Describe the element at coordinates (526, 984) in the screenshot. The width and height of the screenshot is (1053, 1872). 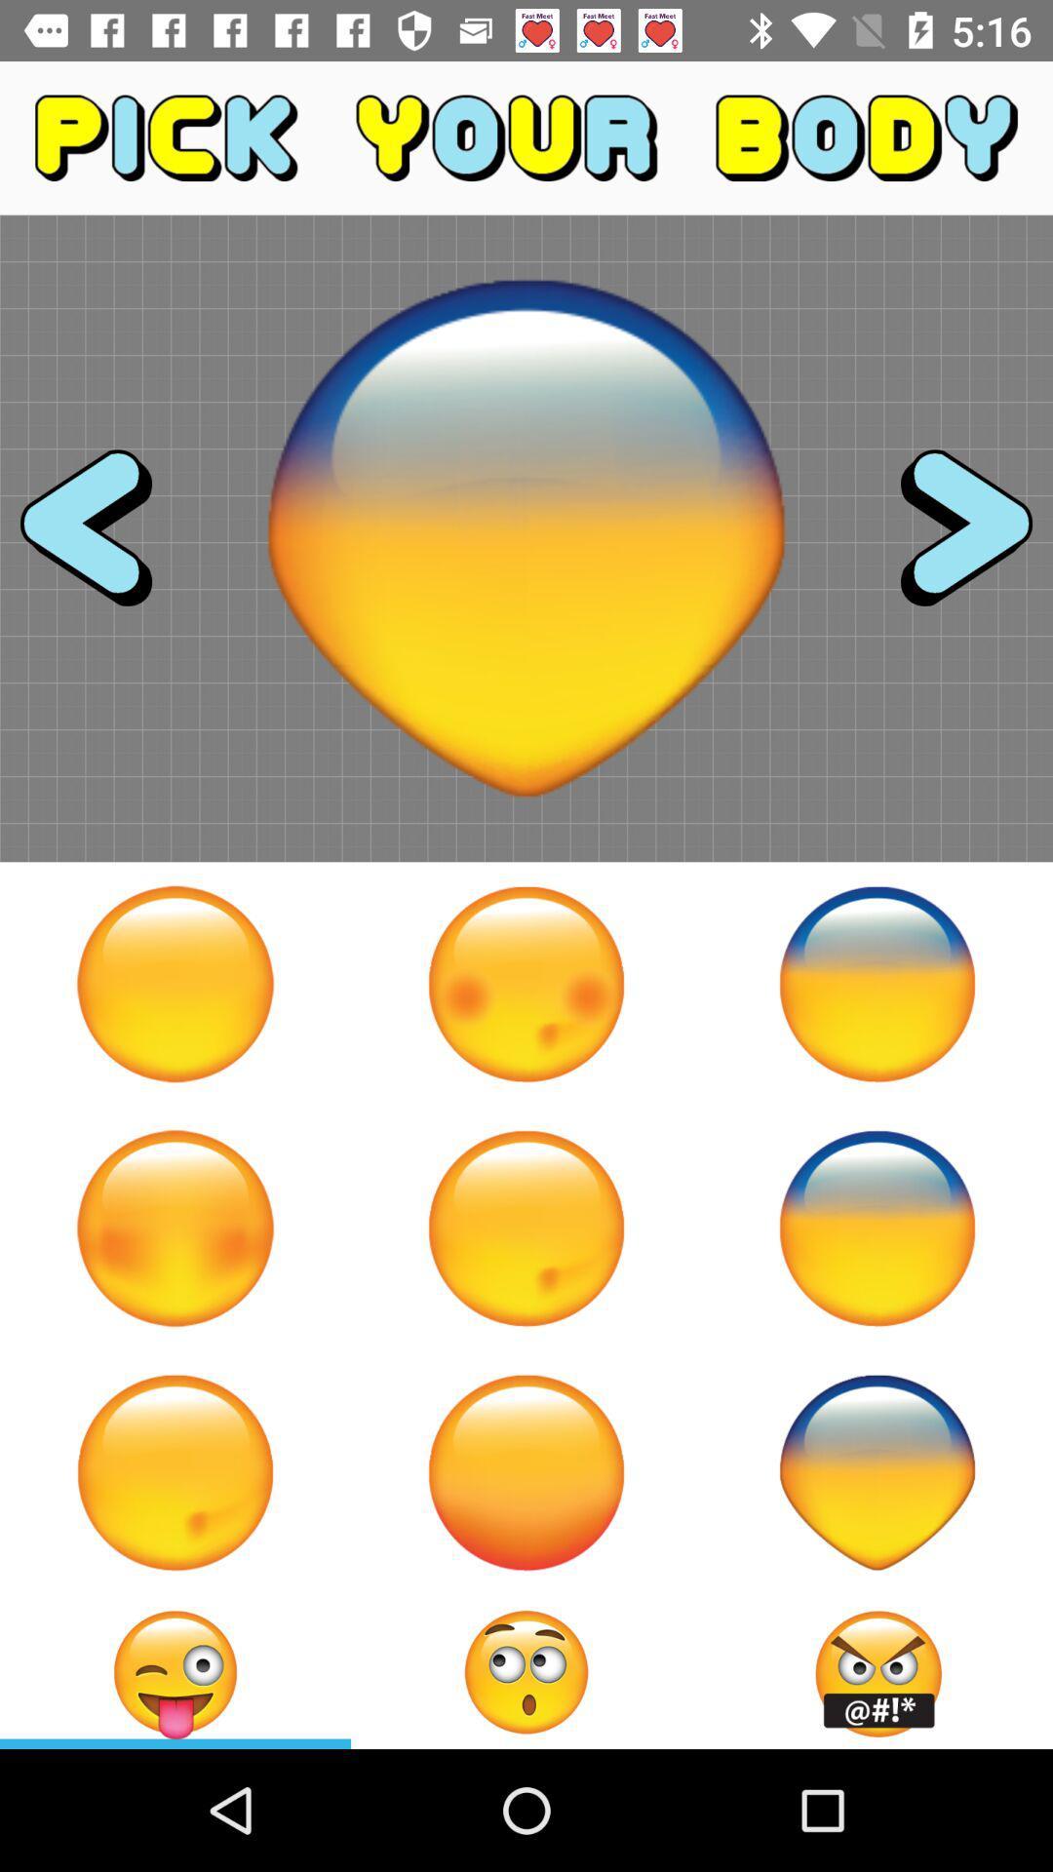
I see `emoji` at that location.